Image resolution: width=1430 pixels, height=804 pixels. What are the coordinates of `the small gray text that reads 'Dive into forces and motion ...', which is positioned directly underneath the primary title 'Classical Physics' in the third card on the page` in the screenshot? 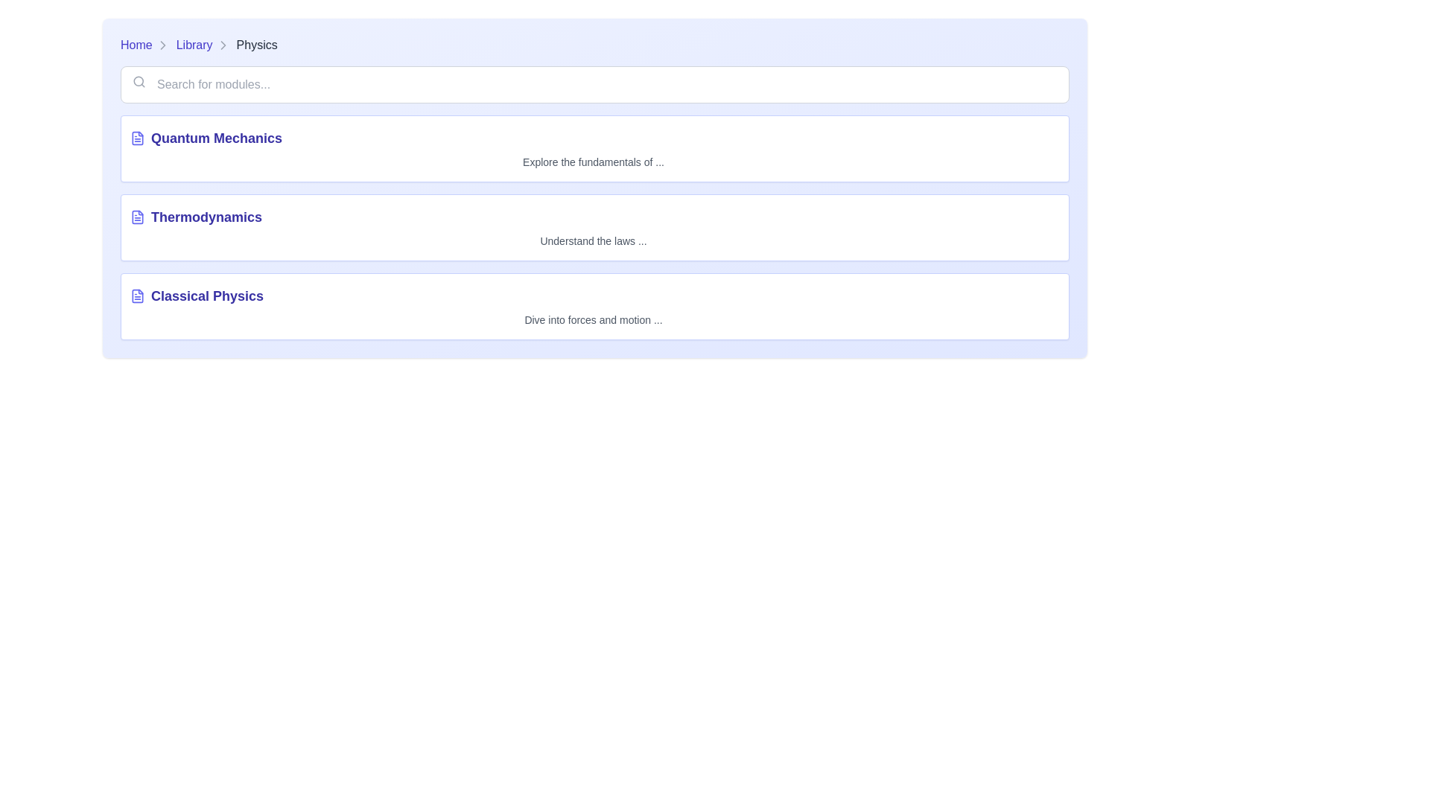 It's located at (592, 319).